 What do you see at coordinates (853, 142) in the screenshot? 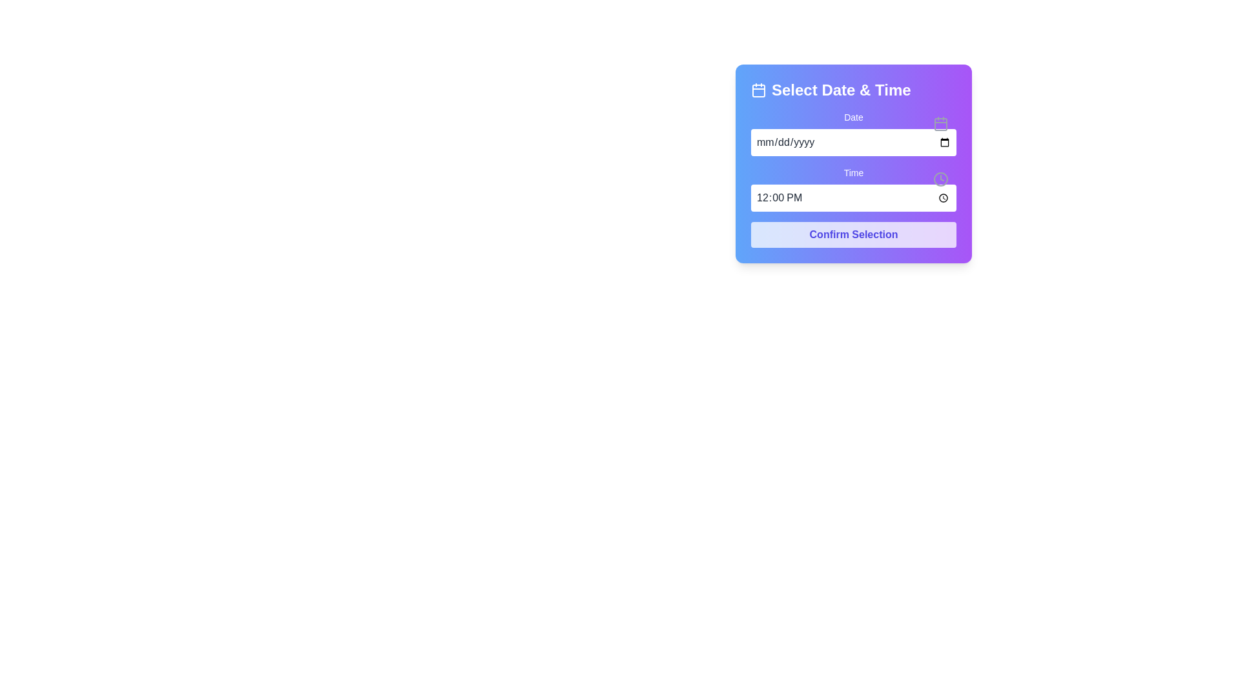
I see `the Date Input Field located centrally within the purple card` at bounding box center [853, 142].